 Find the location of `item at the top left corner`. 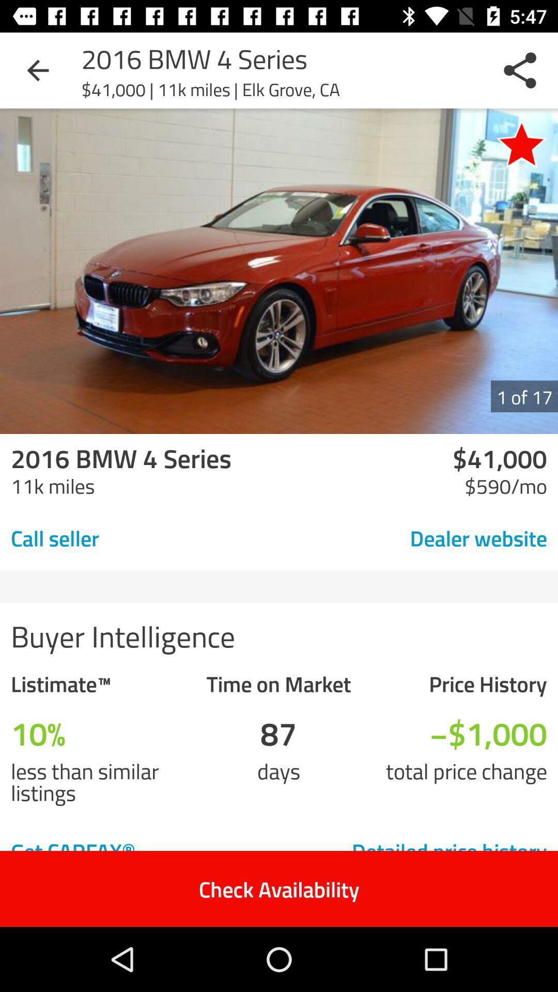

item at the top left corner is located at coordinates (37, 70).